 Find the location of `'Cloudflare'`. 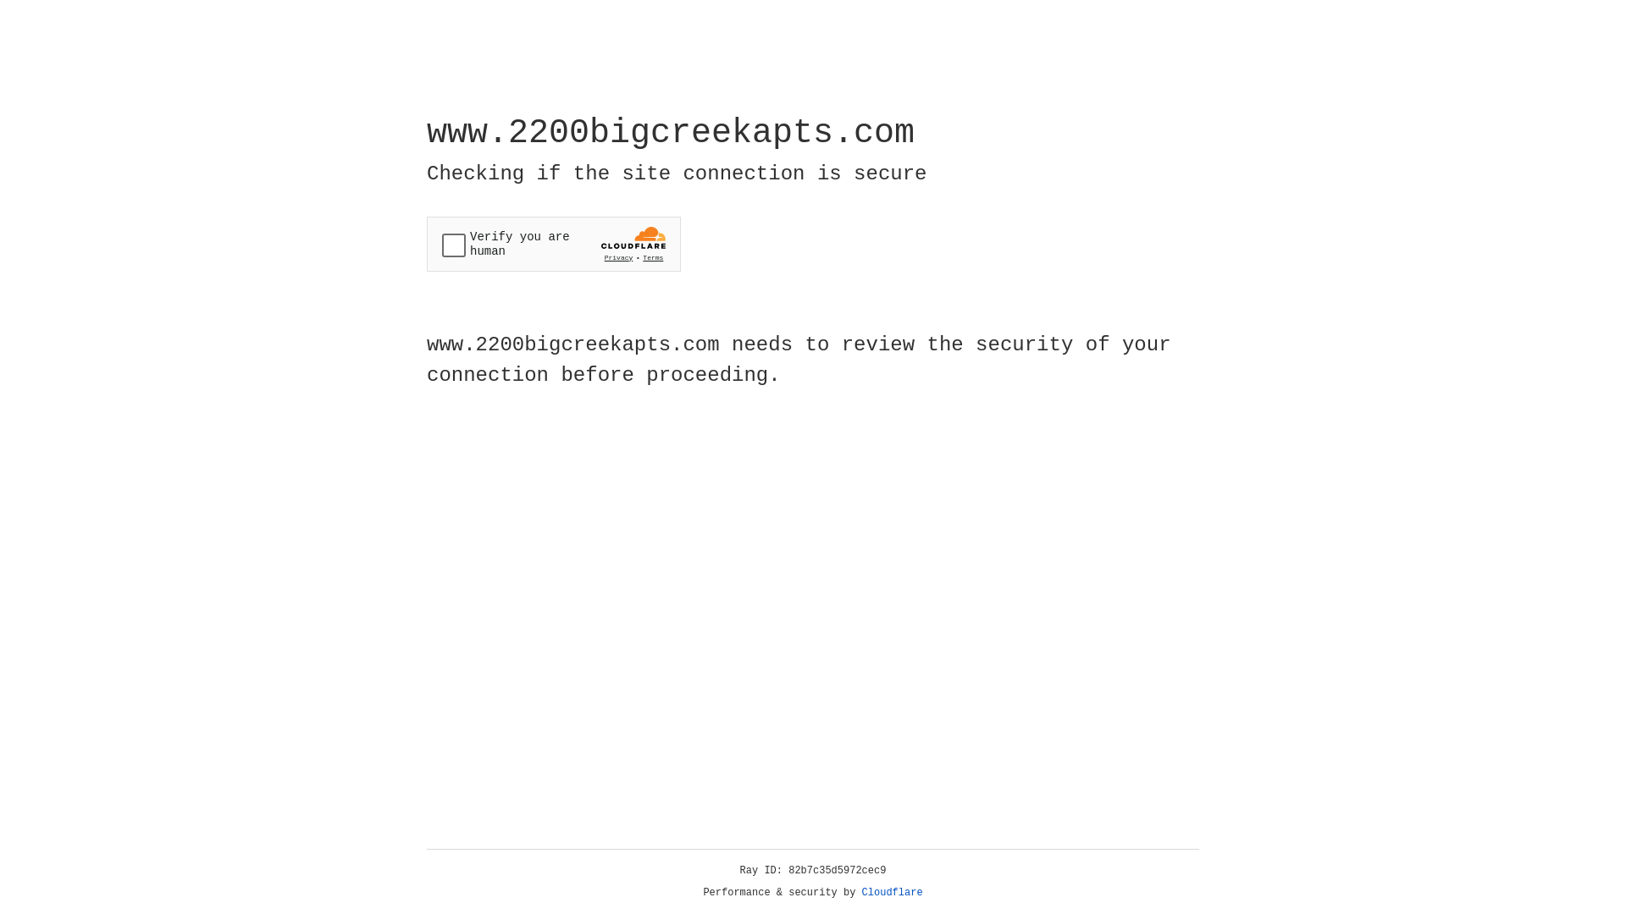

'Cloudflare' is located at coordinates (861, 892).